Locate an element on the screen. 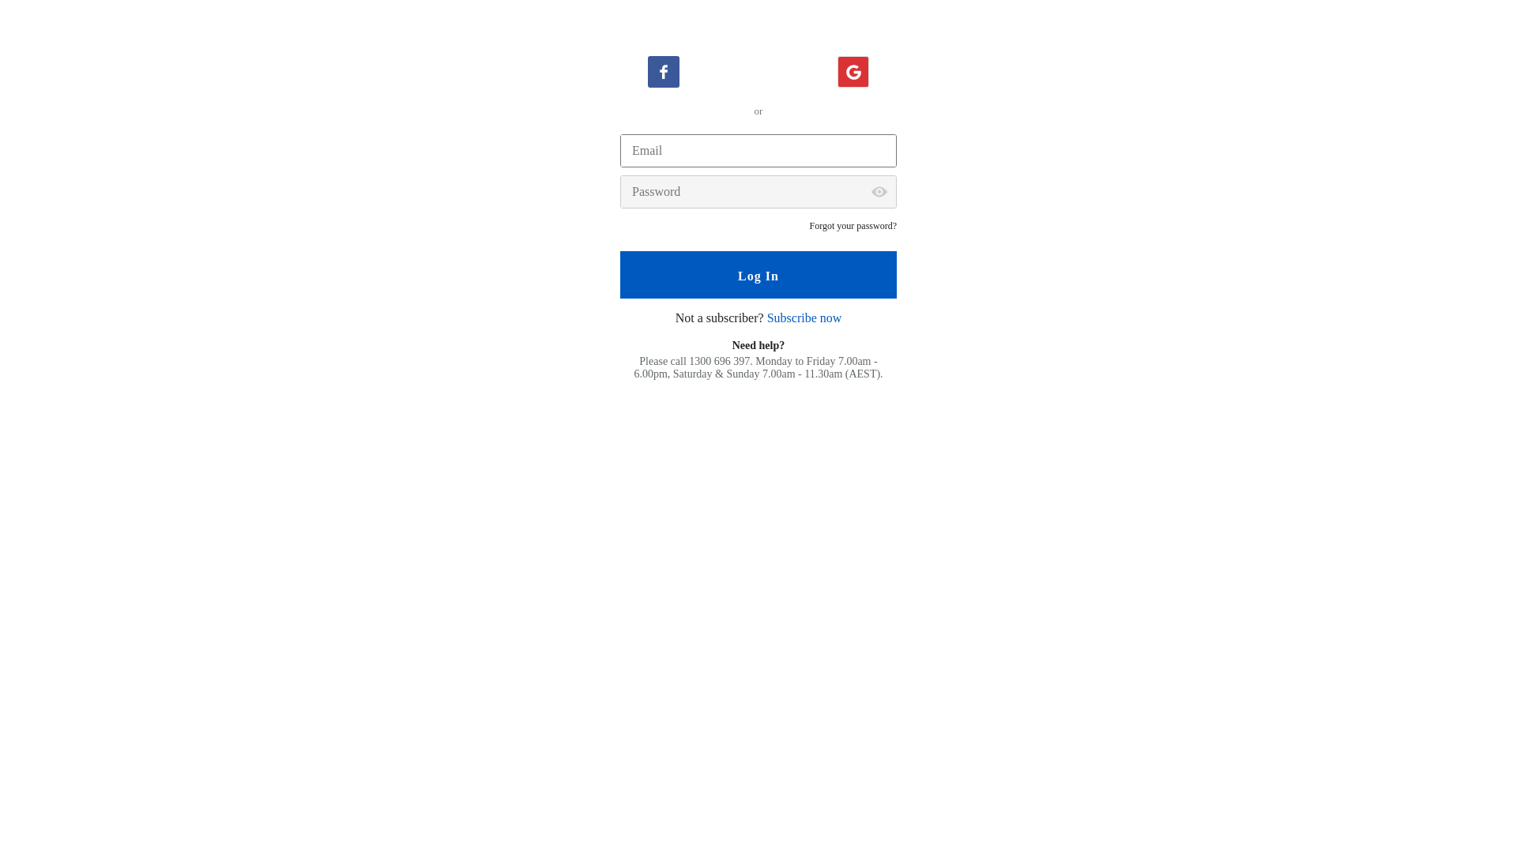  'Subscribe now' is located at coordinates (804, 318).